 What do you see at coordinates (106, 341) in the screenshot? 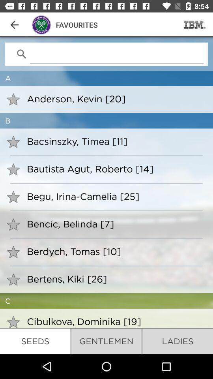
I see `icon below cibulkova, dominika [19] icon` at bounding box center [106, 341].